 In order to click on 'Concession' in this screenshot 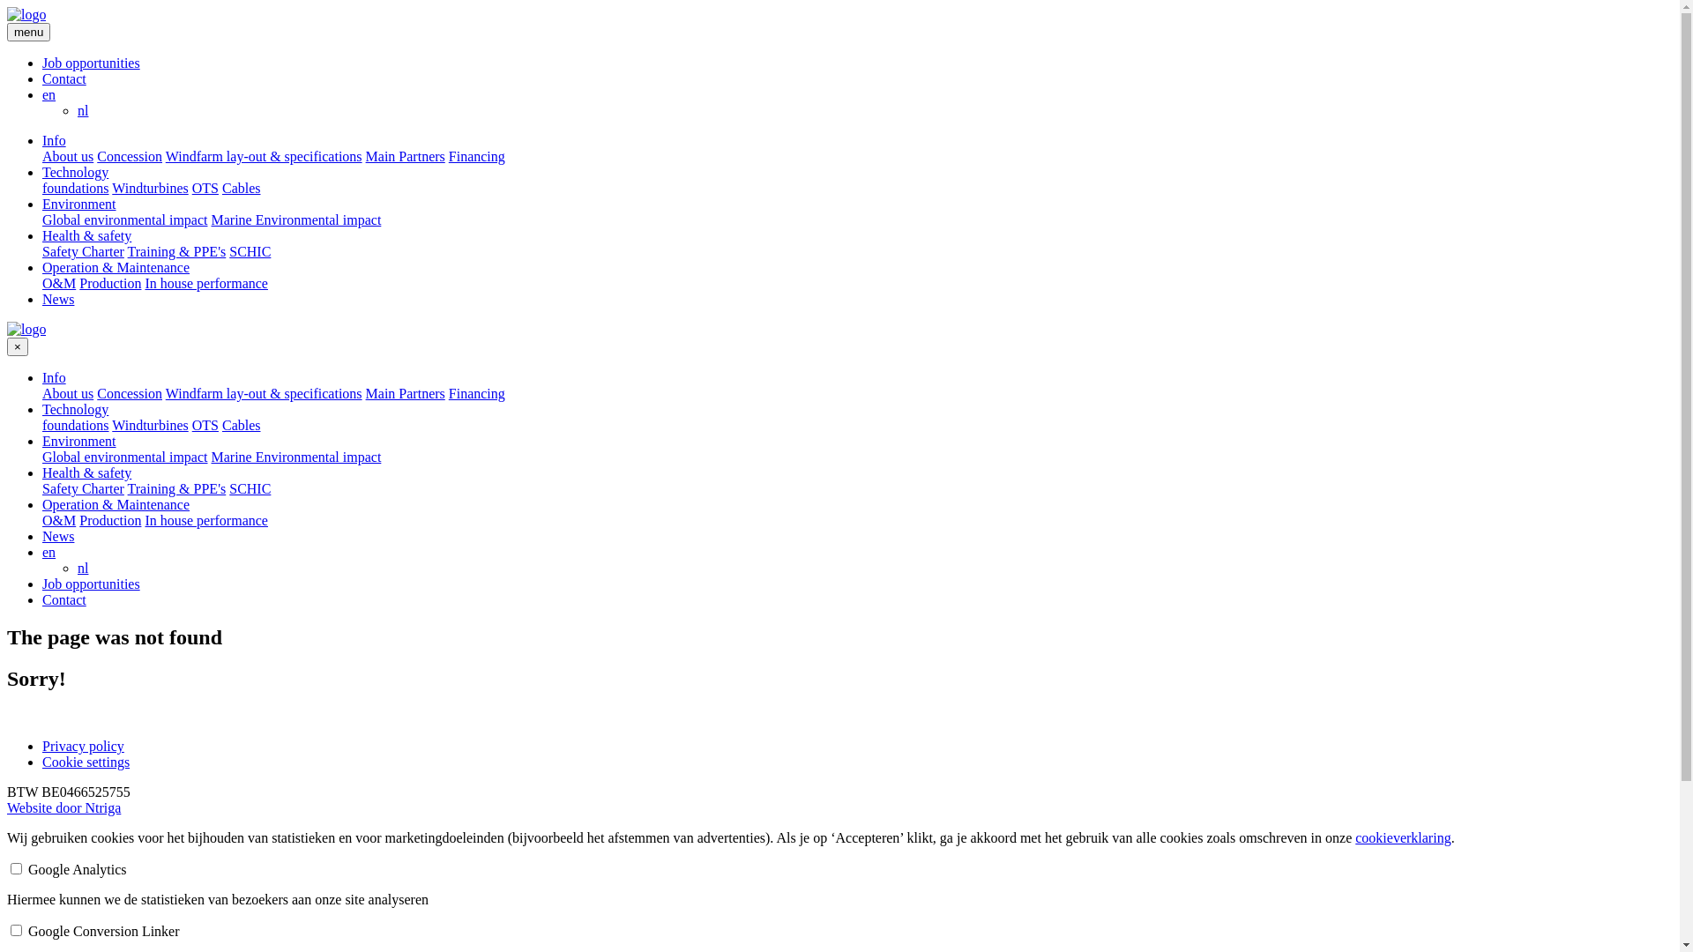, I will do `click(129, 155)`.